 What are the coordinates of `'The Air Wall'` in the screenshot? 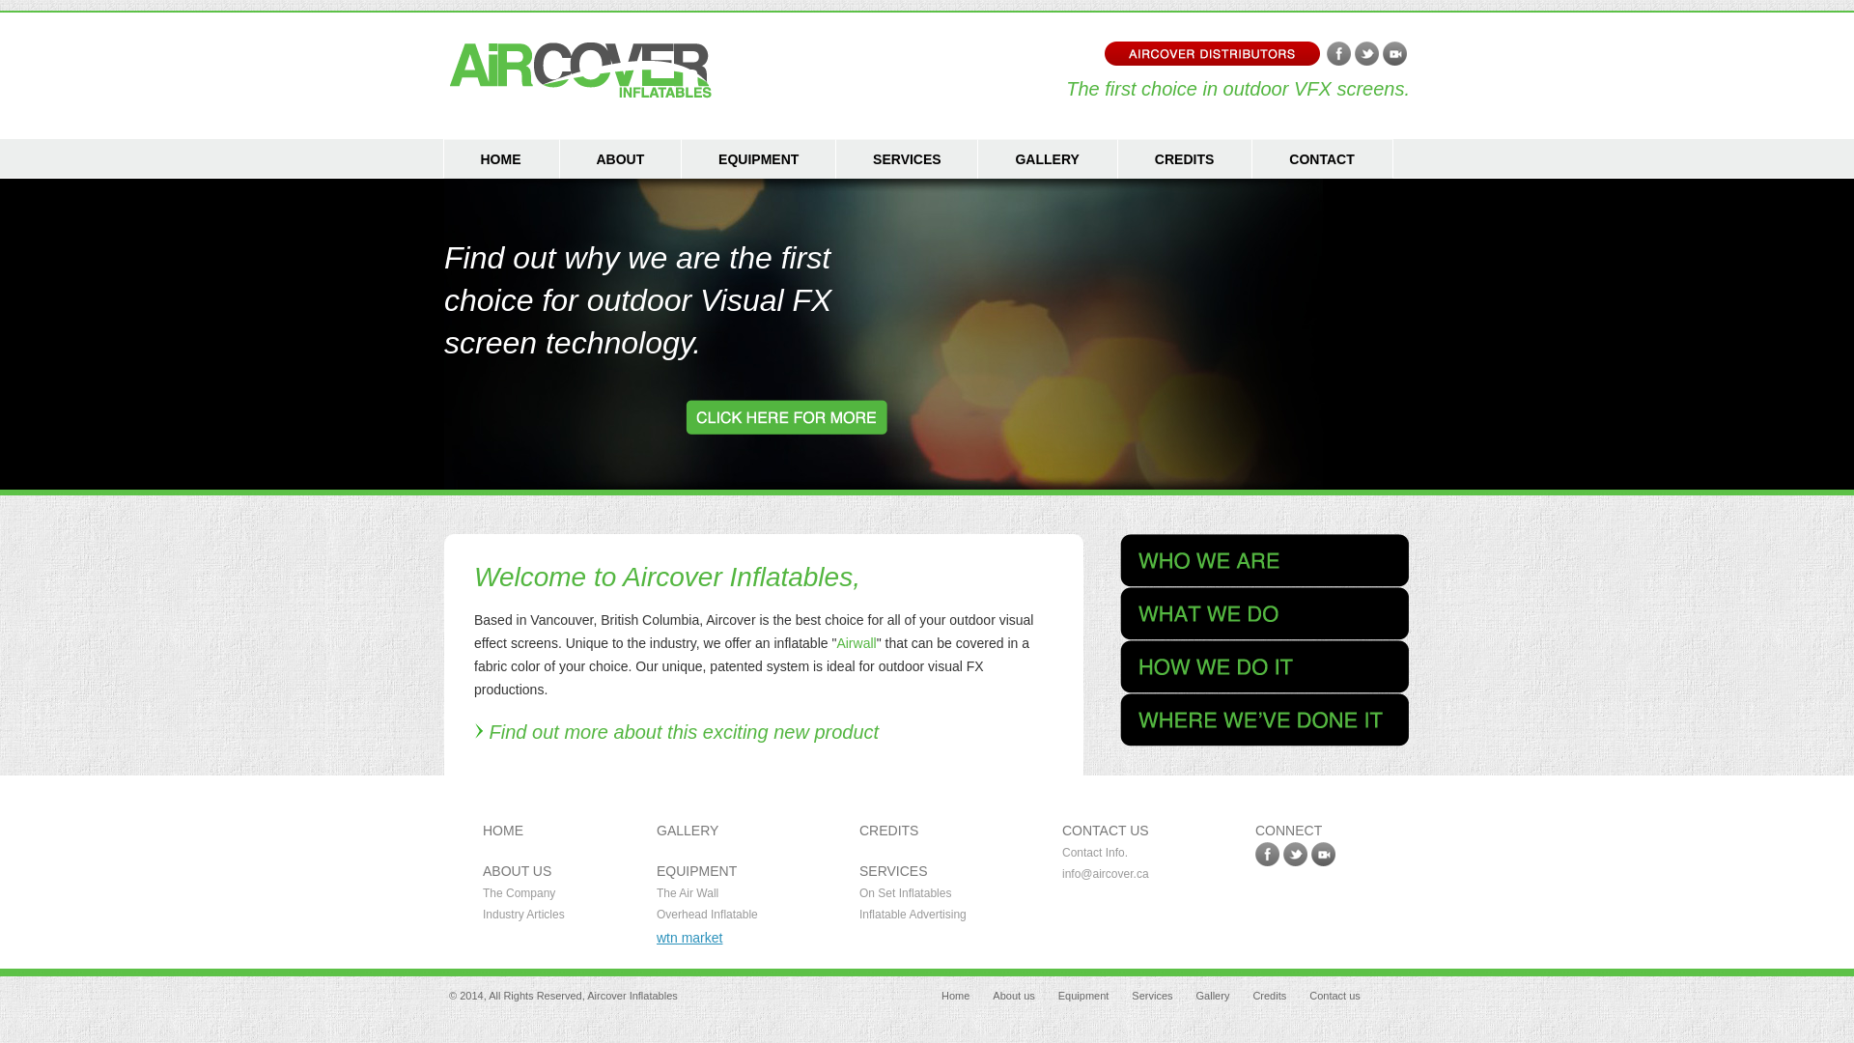 It's located at (657, 893).